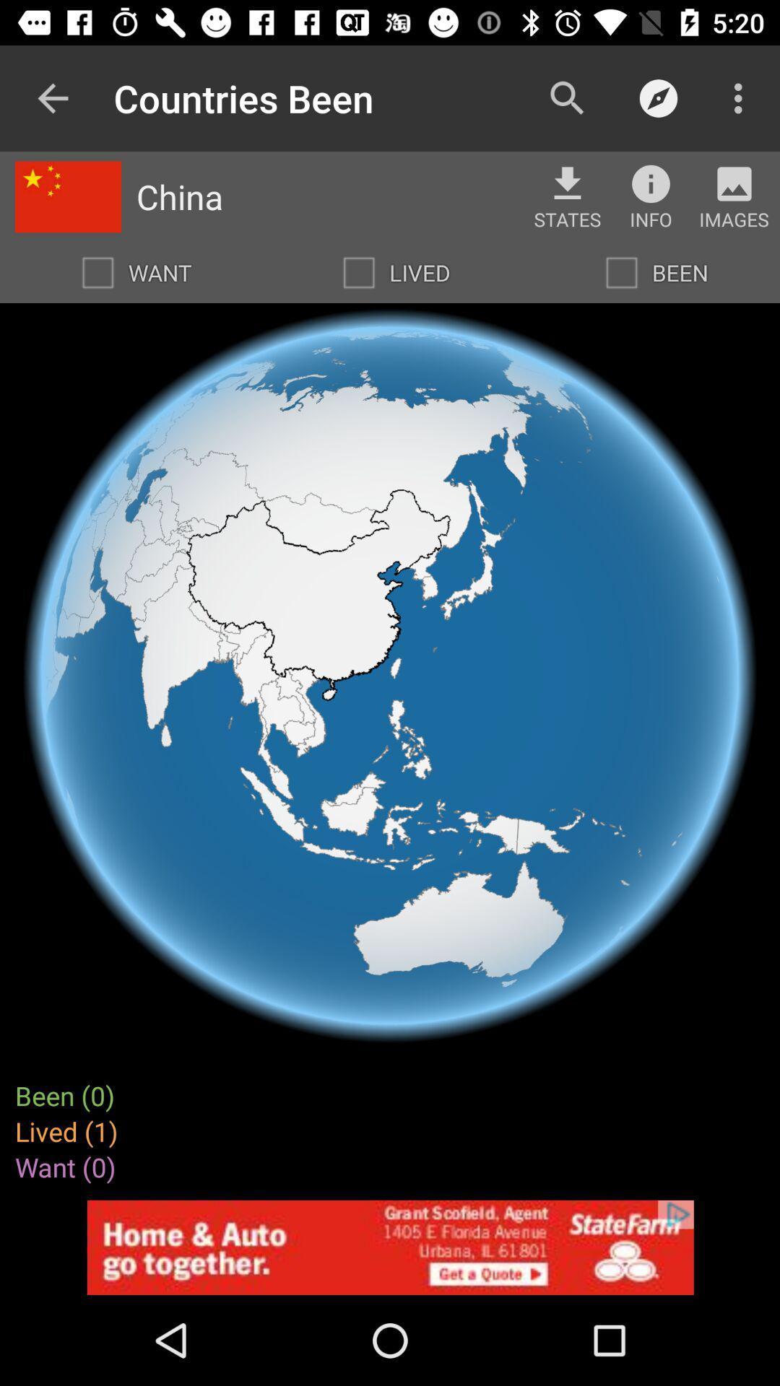  I want to click on want option, so click(97, 273).